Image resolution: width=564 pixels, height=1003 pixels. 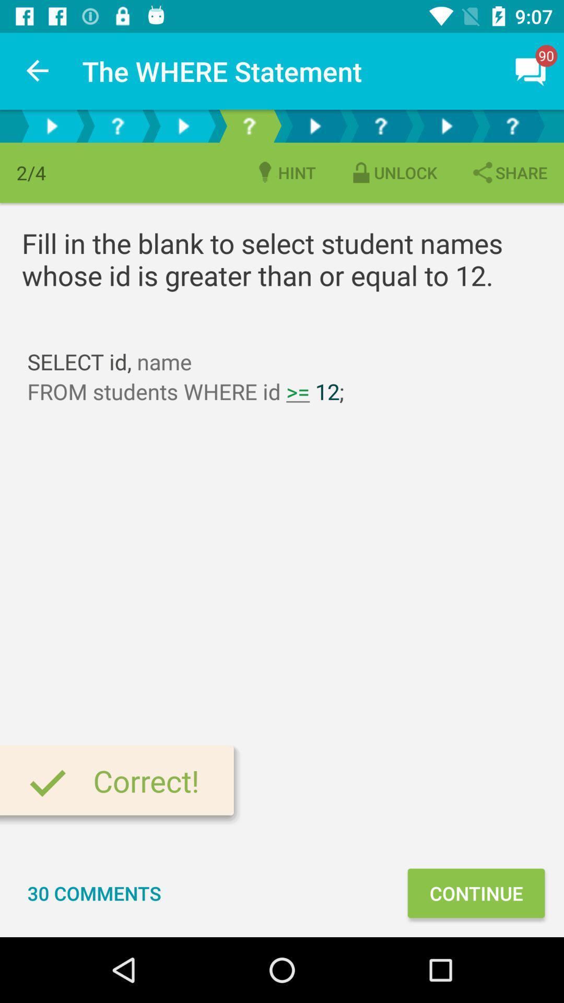 I want to click on 30 comments, so click(x=95, y=892).